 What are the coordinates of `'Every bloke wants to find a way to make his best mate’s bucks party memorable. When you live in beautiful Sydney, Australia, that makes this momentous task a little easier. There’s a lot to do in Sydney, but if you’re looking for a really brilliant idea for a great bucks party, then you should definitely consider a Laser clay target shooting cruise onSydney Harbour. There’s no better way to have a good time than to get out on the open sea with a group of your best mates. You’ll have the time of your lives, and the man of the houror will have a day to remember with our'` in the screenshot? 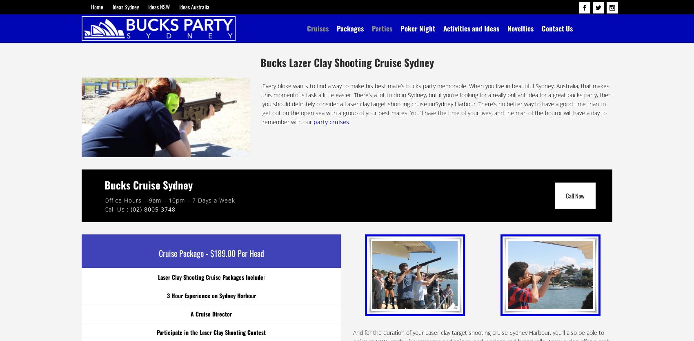 It's located at (437, 103).